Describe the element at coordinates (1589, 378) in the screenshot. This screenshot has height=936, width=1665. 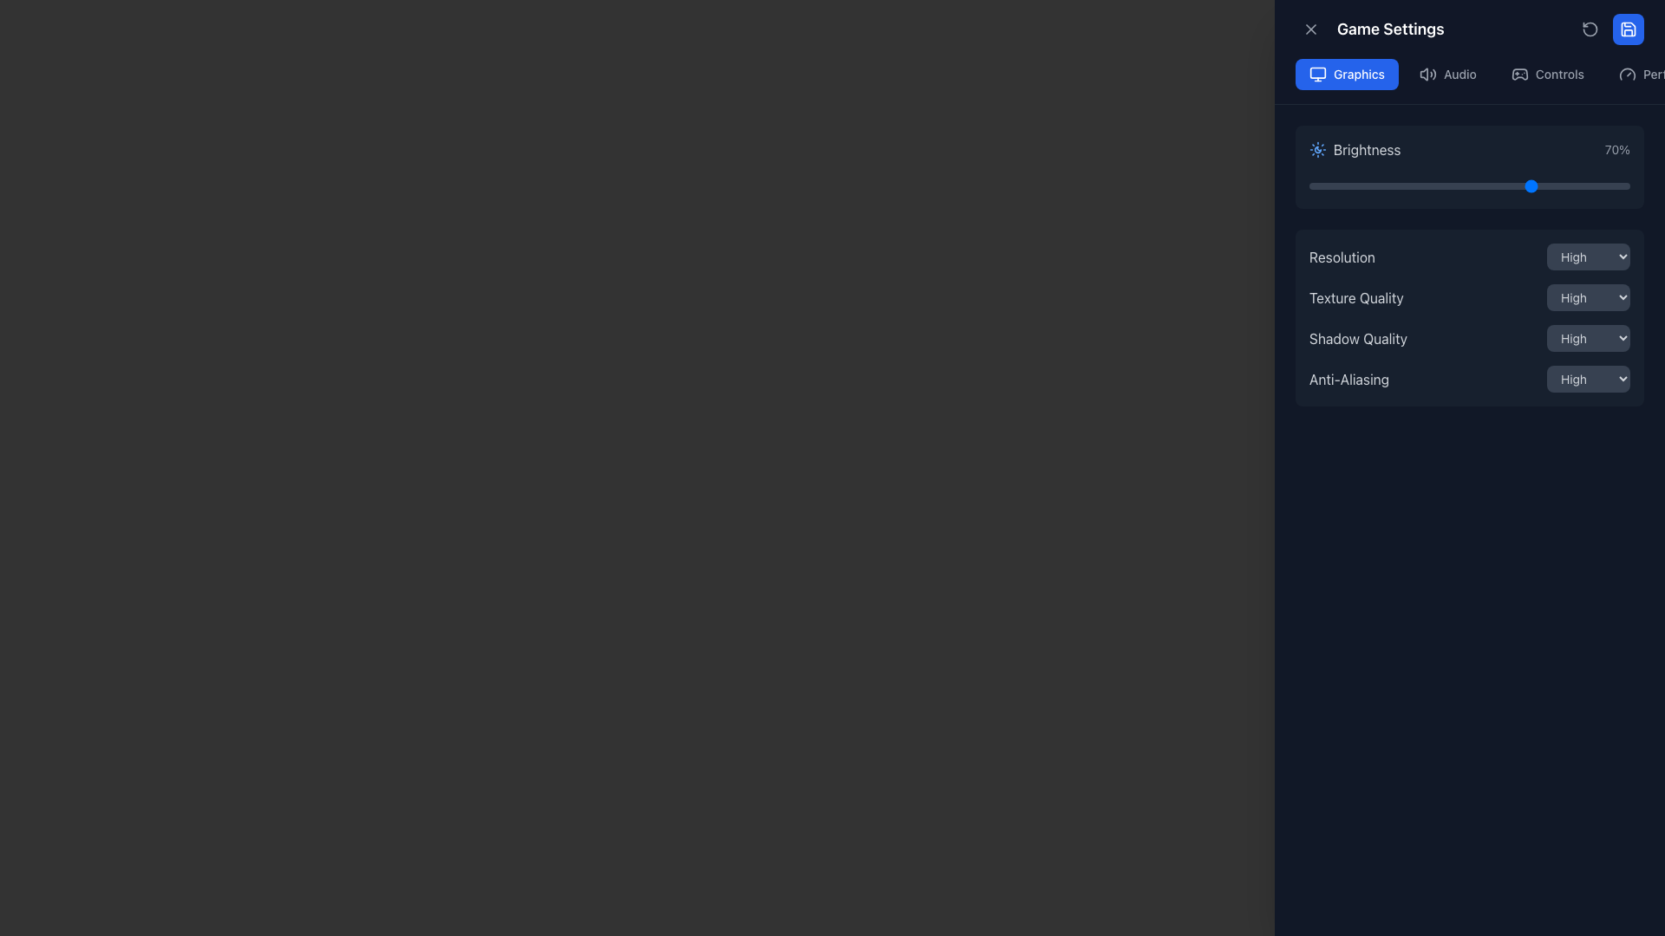
I see `the 'High' dropdown button in the lower-right part of the 'Anti-Aliasing' section` at that location.